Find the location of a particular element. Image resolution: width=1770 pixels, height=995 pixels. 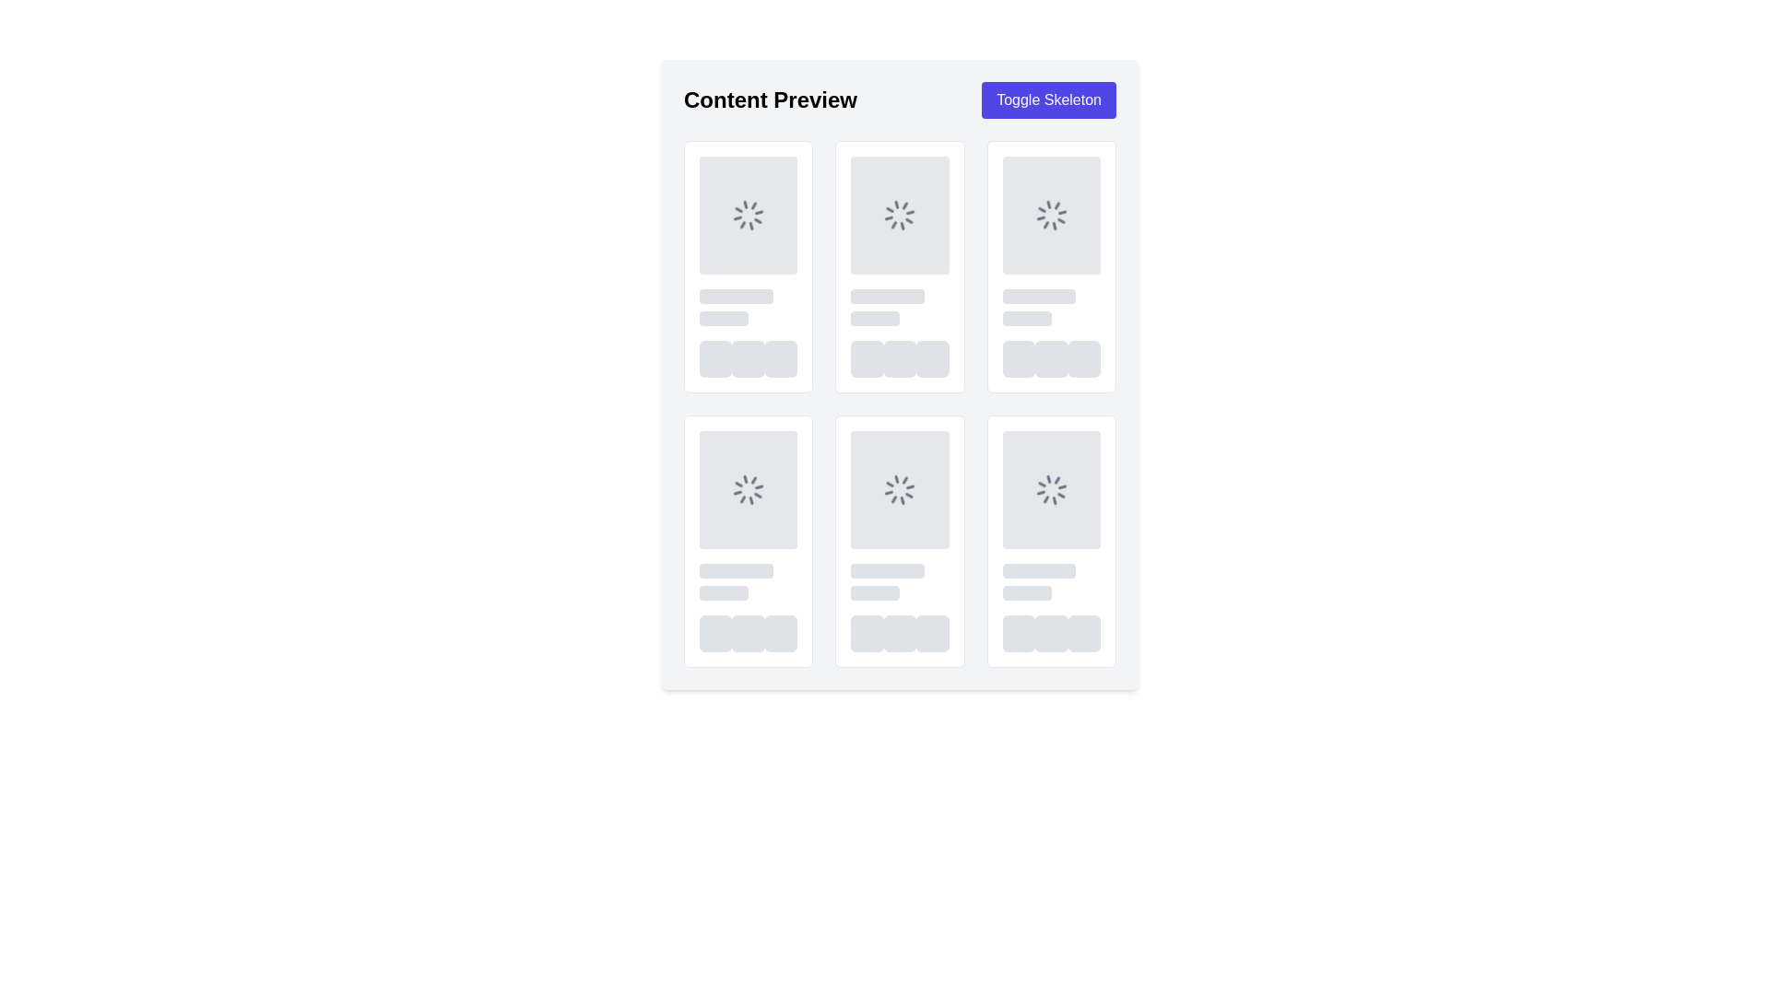

the first loading placeholder element in the row of three skeleton elements within the 'Content Preview' section is located at coordinates (714, 358).